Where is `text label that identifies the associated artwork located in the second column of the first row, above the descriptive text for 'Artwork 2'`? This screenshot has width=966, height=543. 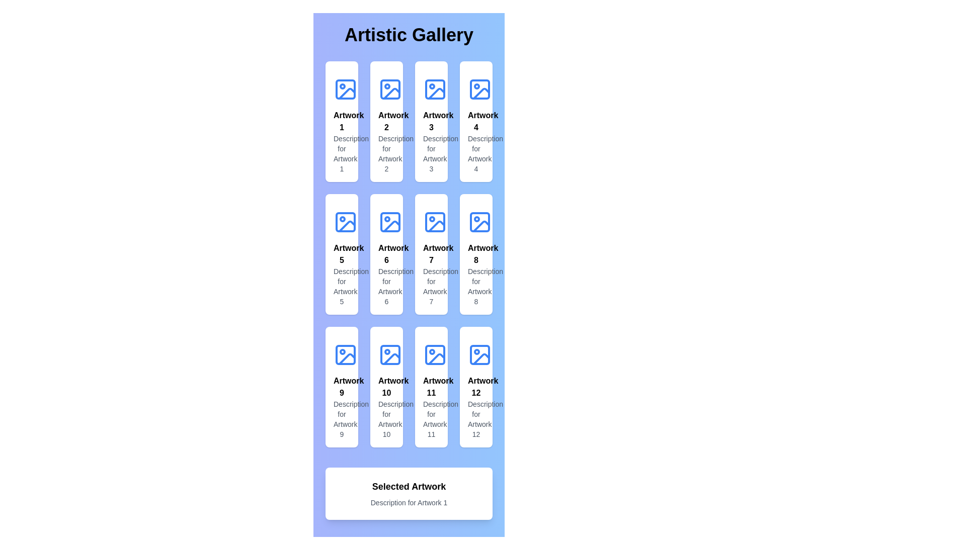
text label that identifies the associated artwork located in the second column of the first row, above the descriptive text for 'Artwork 2' is located at coordinates (386, 121).